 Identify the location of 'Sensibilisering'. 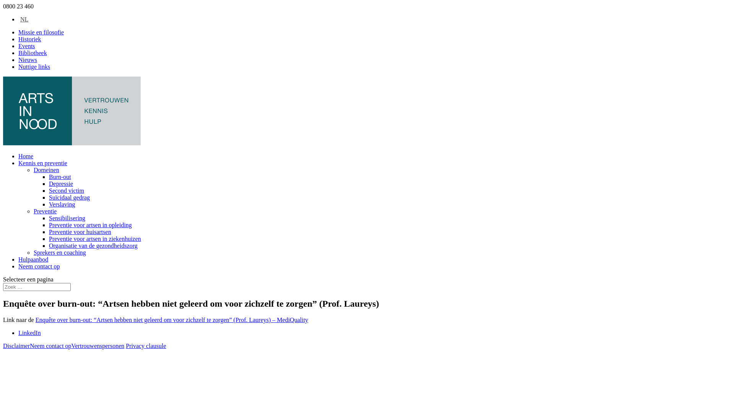
(67, 218).